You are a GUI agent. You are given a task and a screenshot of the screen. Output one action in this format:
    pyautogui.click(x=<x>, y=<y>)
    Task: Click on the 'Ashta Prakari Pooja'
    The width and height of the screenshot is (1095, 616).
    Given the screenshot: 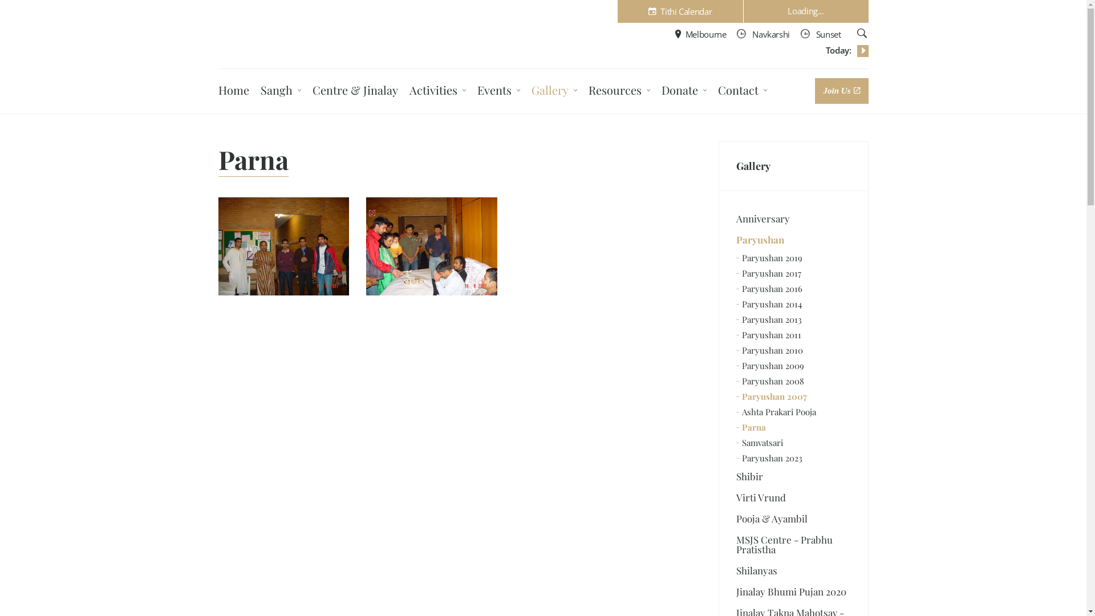 What is the action you would take?
    pyautogui.click(x=793, y=412)
    